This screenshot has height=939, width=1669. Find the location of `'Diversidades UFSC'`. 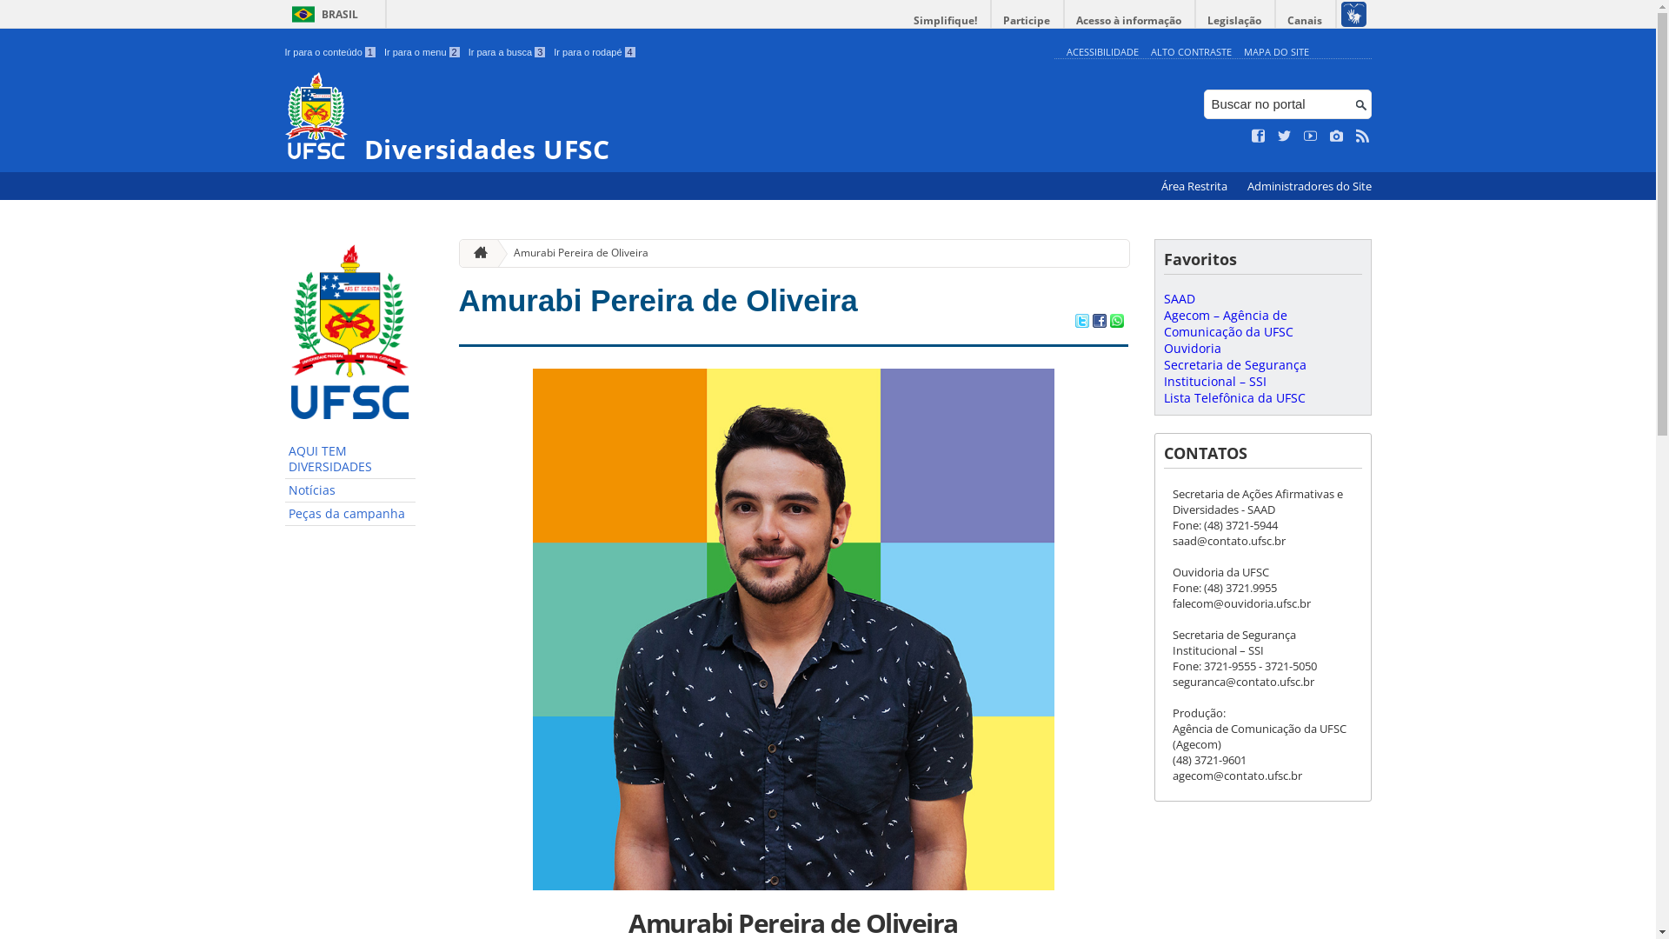

'Diversidades UFSC' is located at coordinates (664, 117).